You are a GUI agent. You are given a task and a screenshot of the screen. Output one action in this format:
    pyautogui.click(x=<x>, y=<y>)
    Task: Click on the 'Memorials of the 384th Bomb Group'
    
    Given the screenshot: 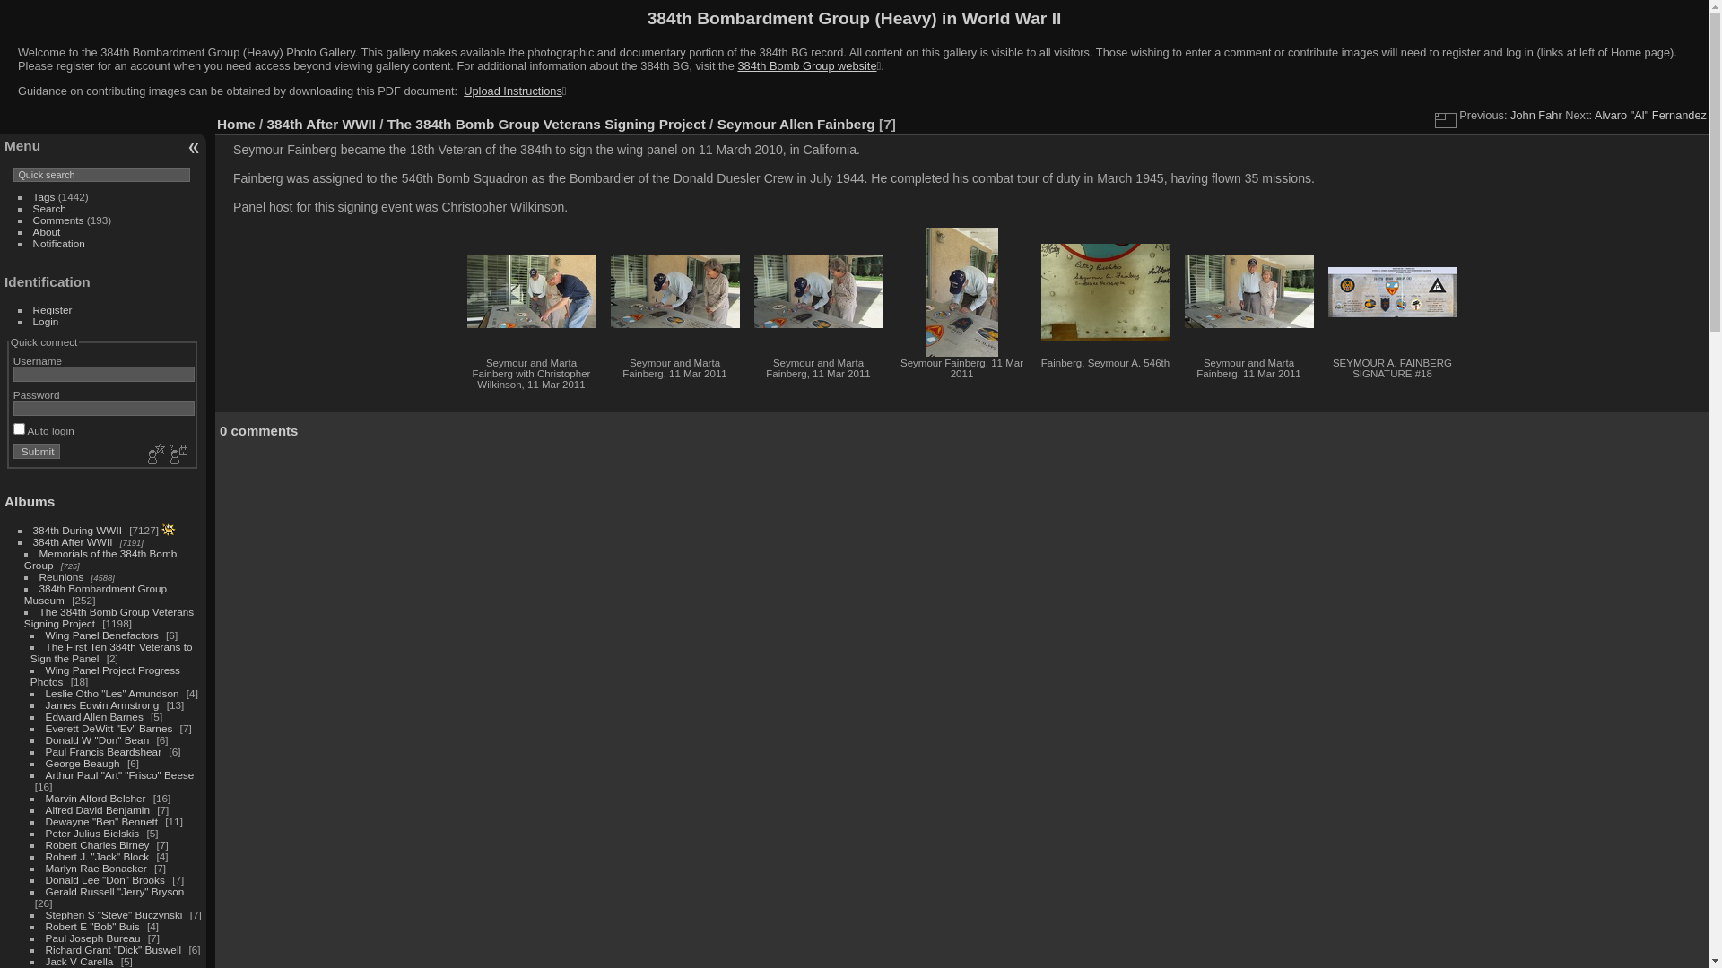 What is the action you would take?
    pyautogui.click(x=99, y=558)
    